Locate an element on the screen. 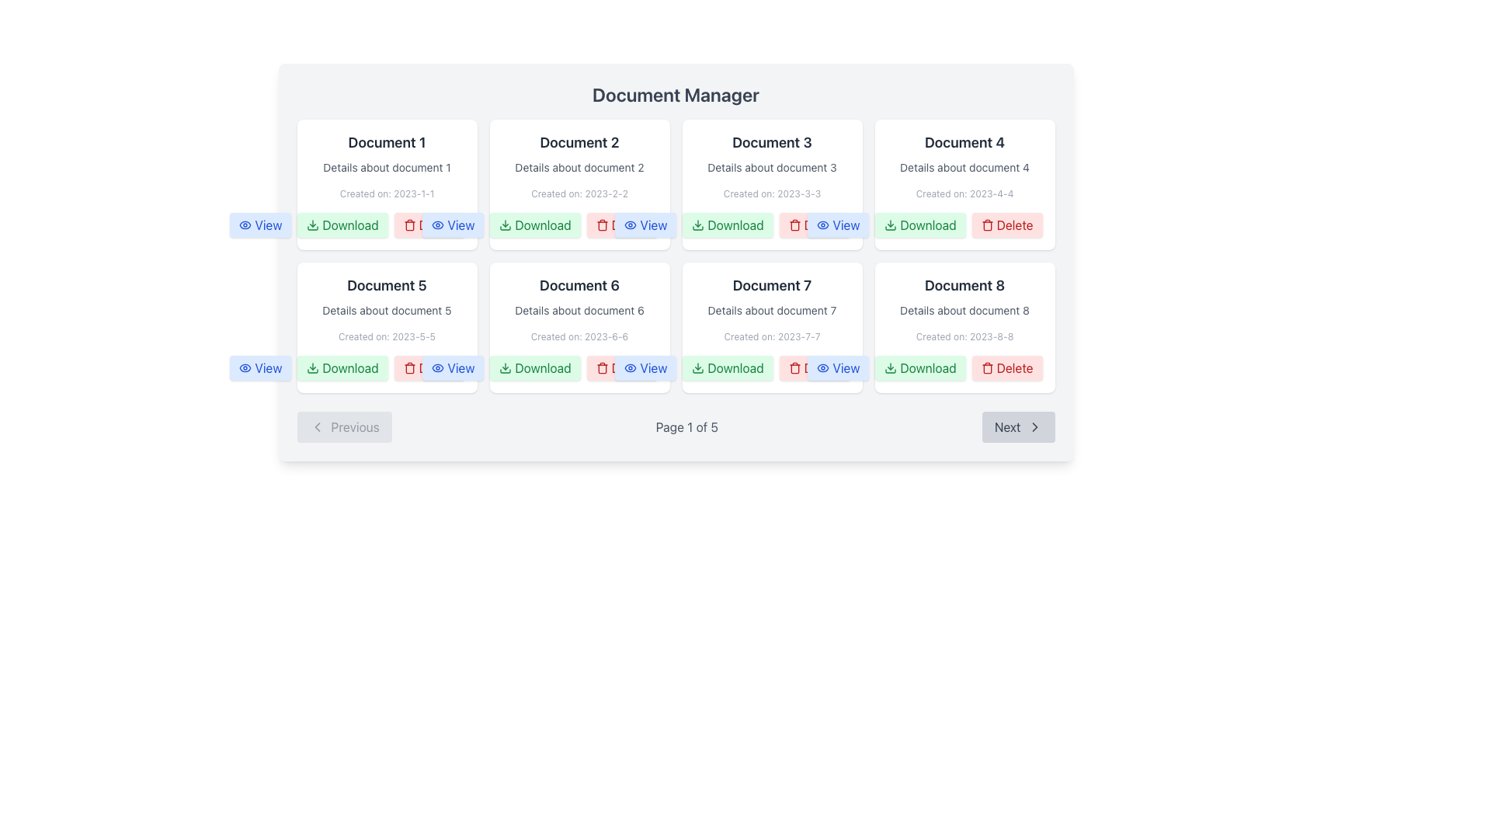  the buttons is located at coordinates (579, 368).